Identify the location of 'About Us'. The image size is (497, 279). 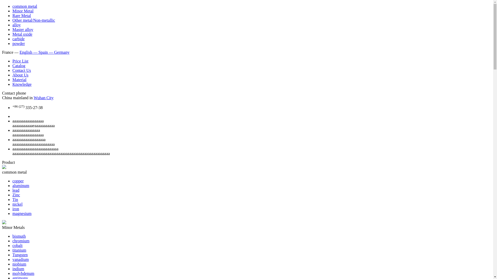
(20, 75).